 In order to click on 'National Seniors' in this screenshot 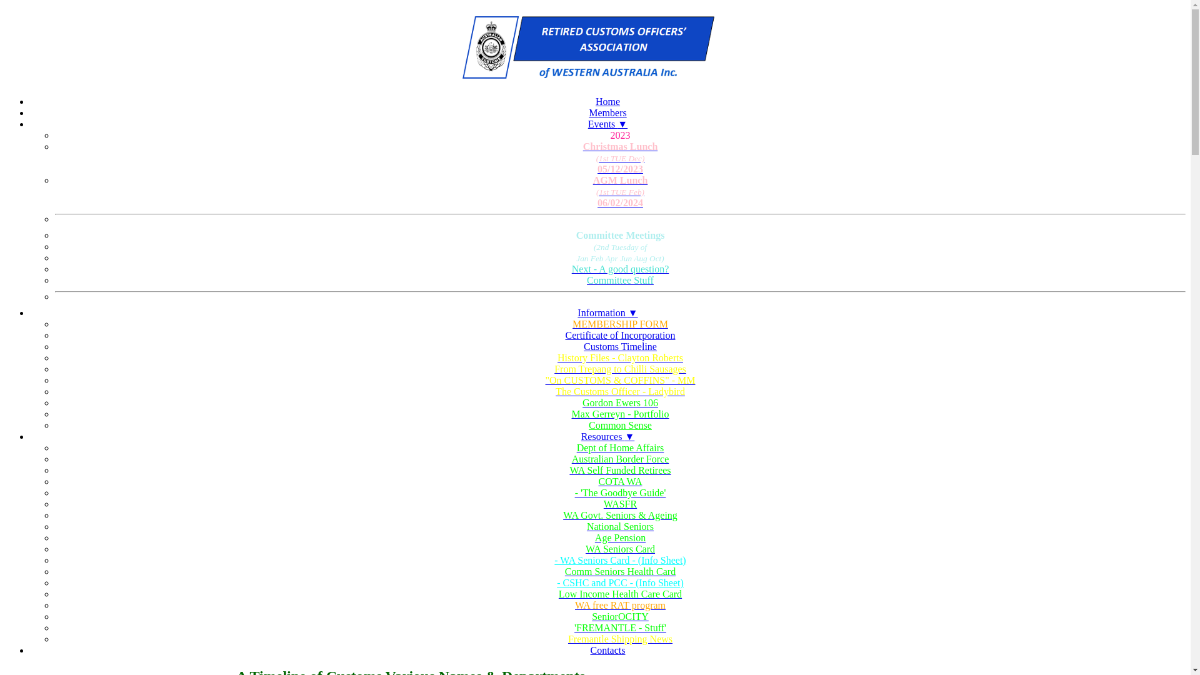, I will do `click(620, 527)`.